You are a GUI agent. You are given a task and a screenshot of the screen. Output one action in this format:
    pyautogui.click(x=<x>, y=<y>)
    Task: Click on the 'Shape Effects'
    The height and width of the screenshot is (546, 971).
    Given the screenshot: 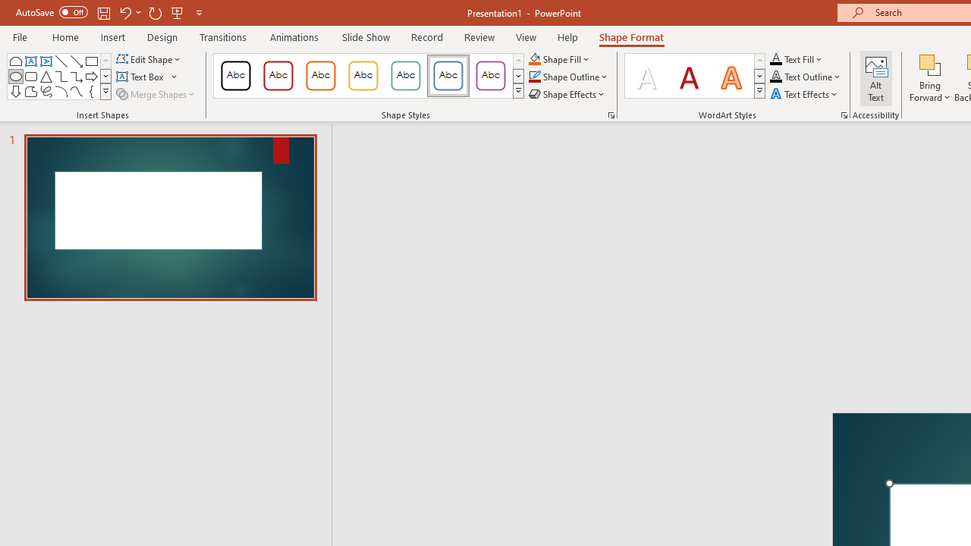 What is the action you would take?
    pyautogui.click(x=567, y=94)
    